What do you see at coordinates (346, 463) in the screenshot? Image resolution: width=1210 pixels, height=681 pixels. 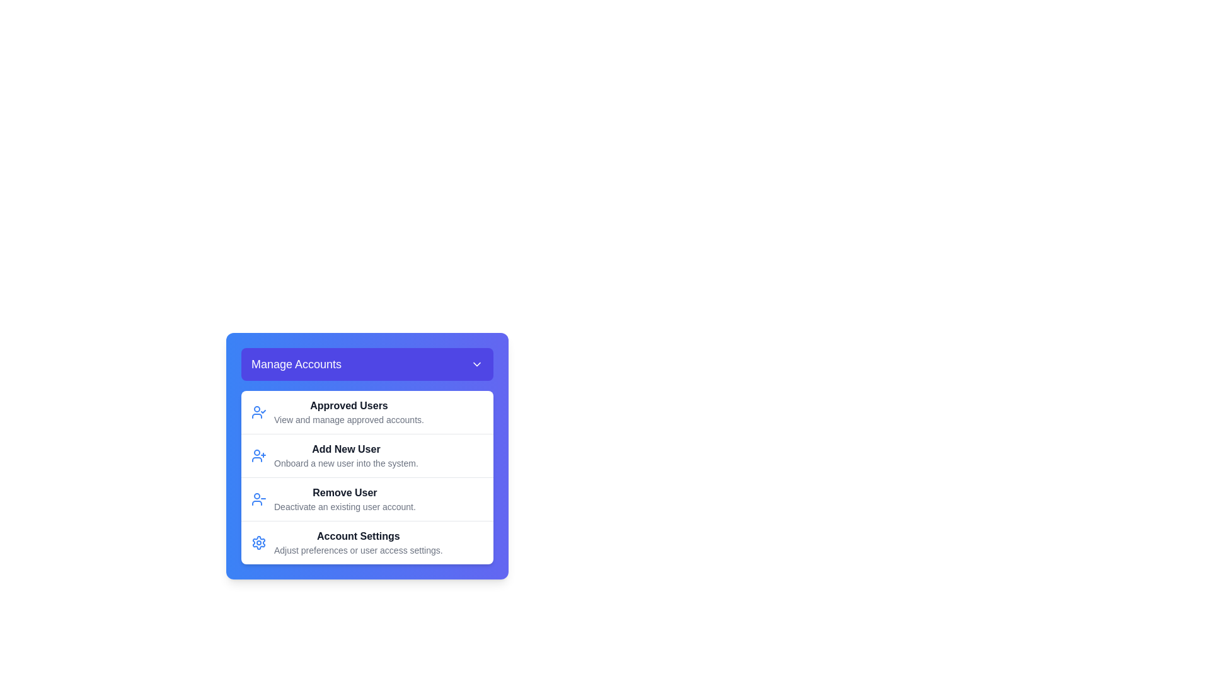 I see `the static text label displaying 'Onboard a new user into the system.' located beneath the bolded text 'Add New User' in the 'Manage Accounts' section` at bounding box center [346, 463].